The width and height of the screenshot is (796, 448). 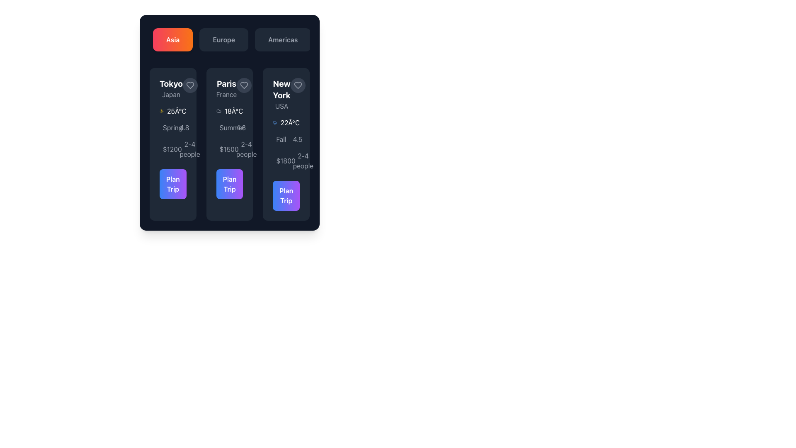 What do you see at coordinates (229, 40) in the screenshot?
I see `the Tab Bar` at bounding box center [229, 40].